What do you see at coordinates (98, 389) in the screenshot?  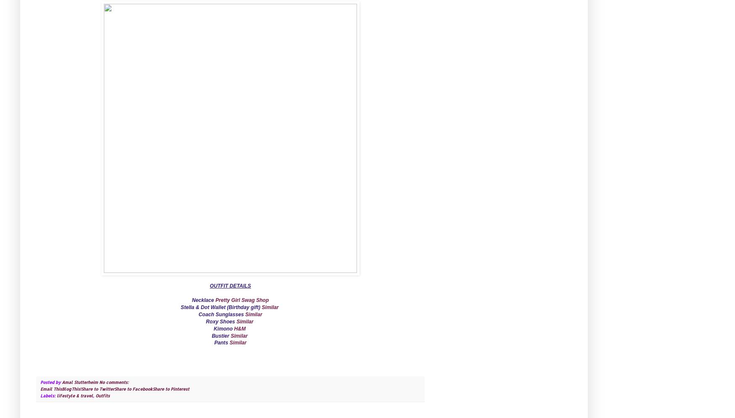 I see `'Share to Twitter'` at bounding box center [98, 389].